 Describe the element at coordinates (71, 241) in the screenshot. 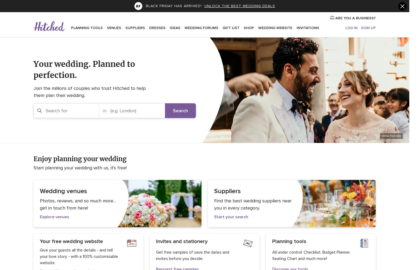

I see `'Your free wedding website'` at that location.